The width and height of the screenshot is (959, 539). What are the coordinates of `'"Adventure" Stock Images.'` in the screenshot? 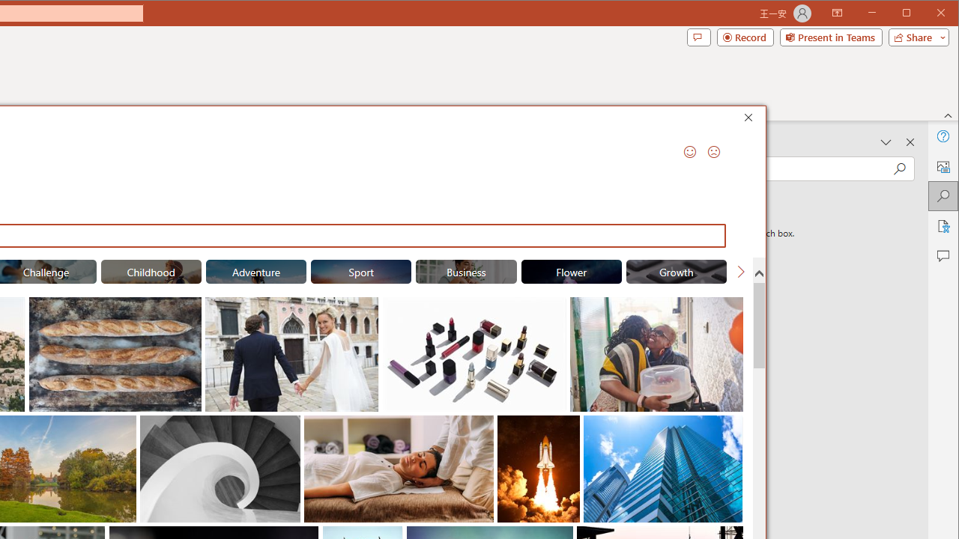 It's located at (256, 271).